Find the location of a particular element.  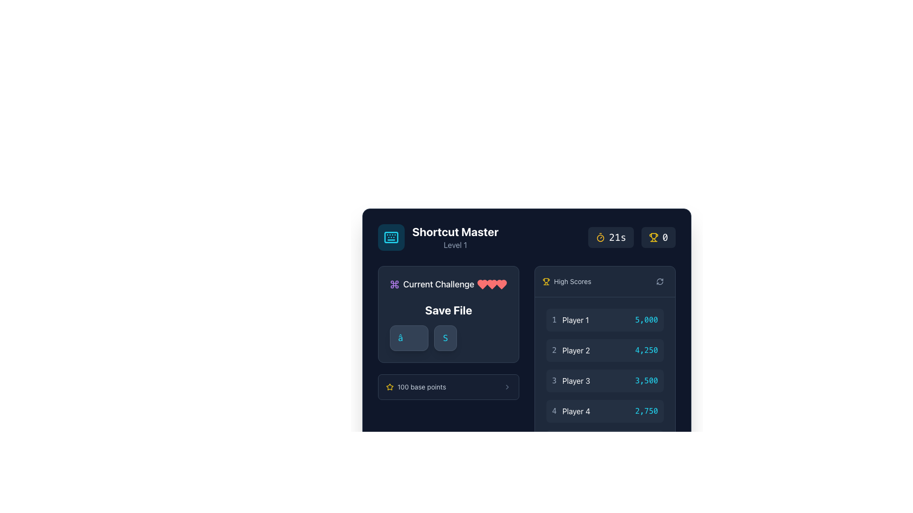

the text label displaying the name of the third player in the high scores list, which is located between the rank '3' and the score '3,500' is located at coordinates (571, 380).